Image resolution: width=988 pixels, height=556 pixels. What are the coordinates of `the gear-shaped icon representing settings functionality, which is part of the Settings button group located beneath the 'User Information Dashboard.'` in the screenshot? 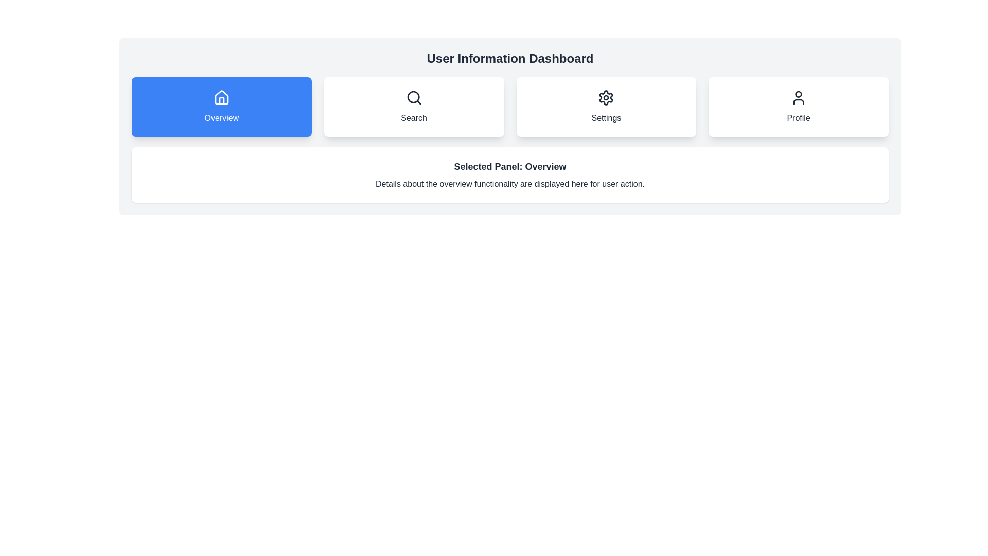 It's located at (606, 97).